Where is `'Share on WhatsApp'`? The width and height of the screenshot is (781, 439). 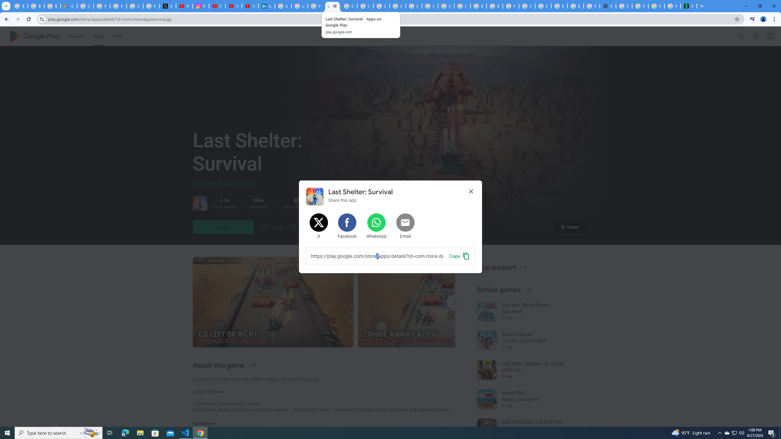
'Share on WhatsApp' is located at coordinates (376, 226).